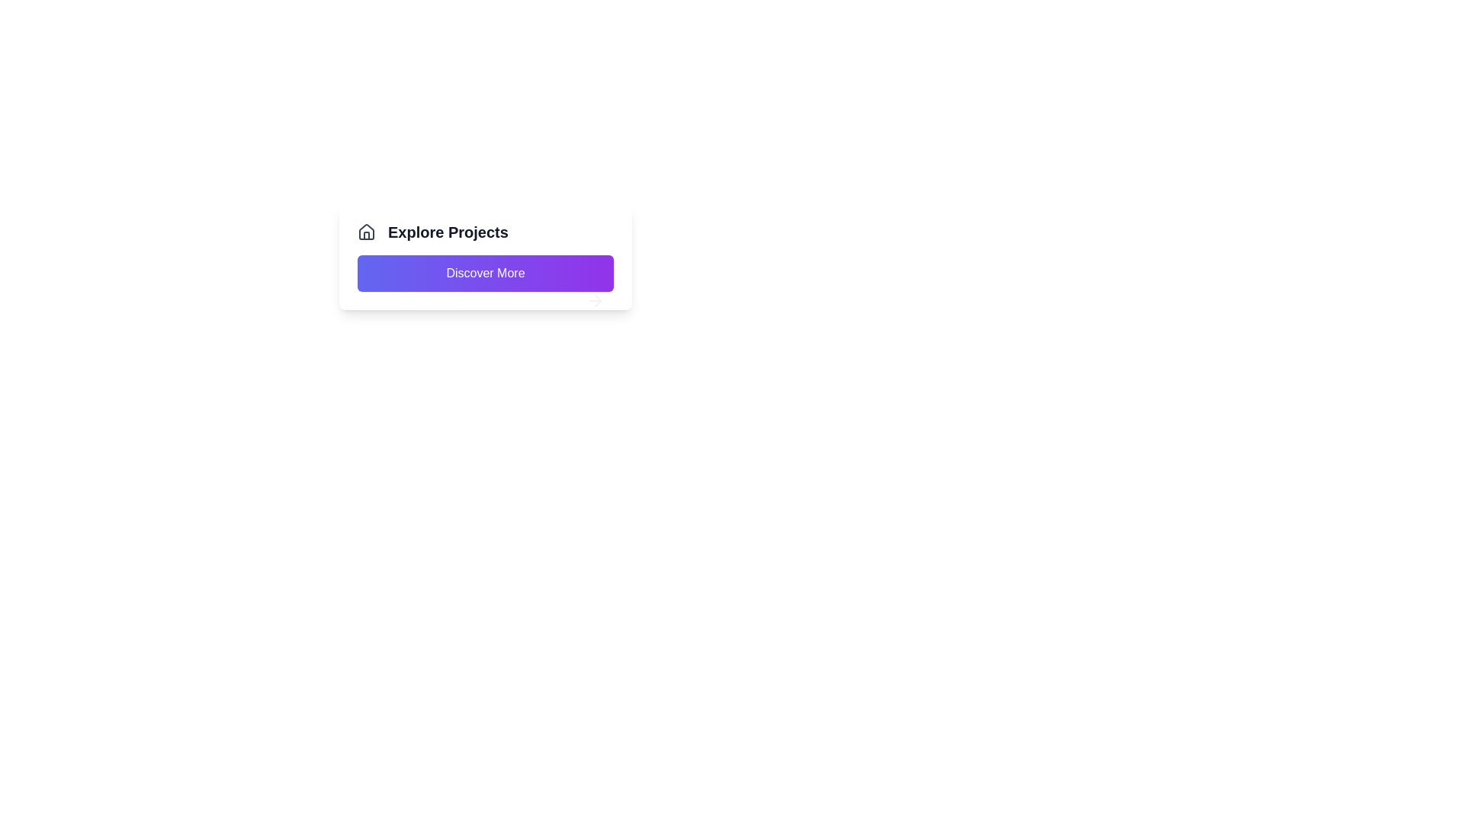  Describe the element at coordinates (485, 272) in the screenshot. I see `the 'Discover More' button, which has a gradient background from indigo to purple and is located below the 'Explore Projects' title` at that location.